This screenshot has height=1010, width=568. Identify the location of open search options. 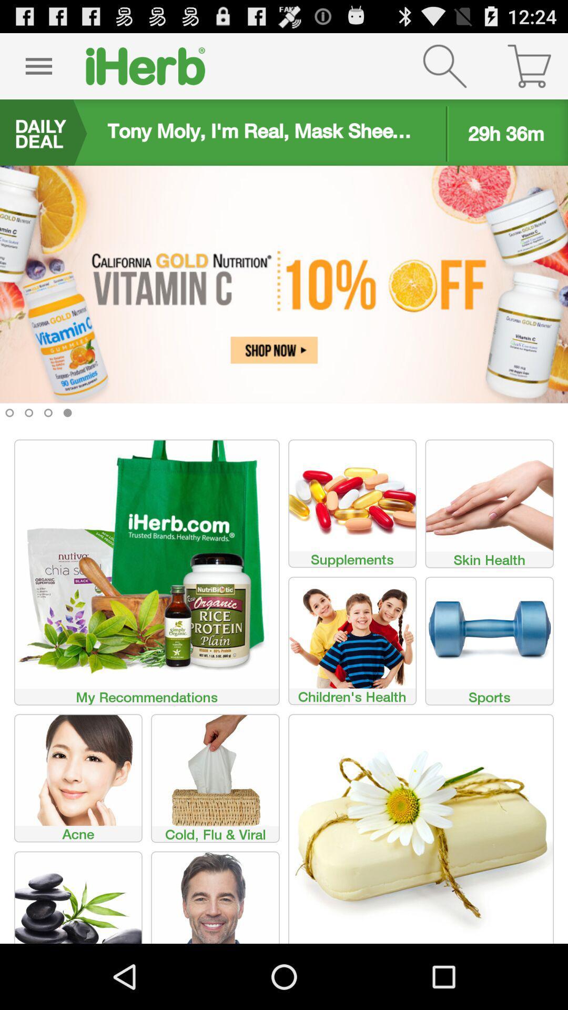
(444, 65).